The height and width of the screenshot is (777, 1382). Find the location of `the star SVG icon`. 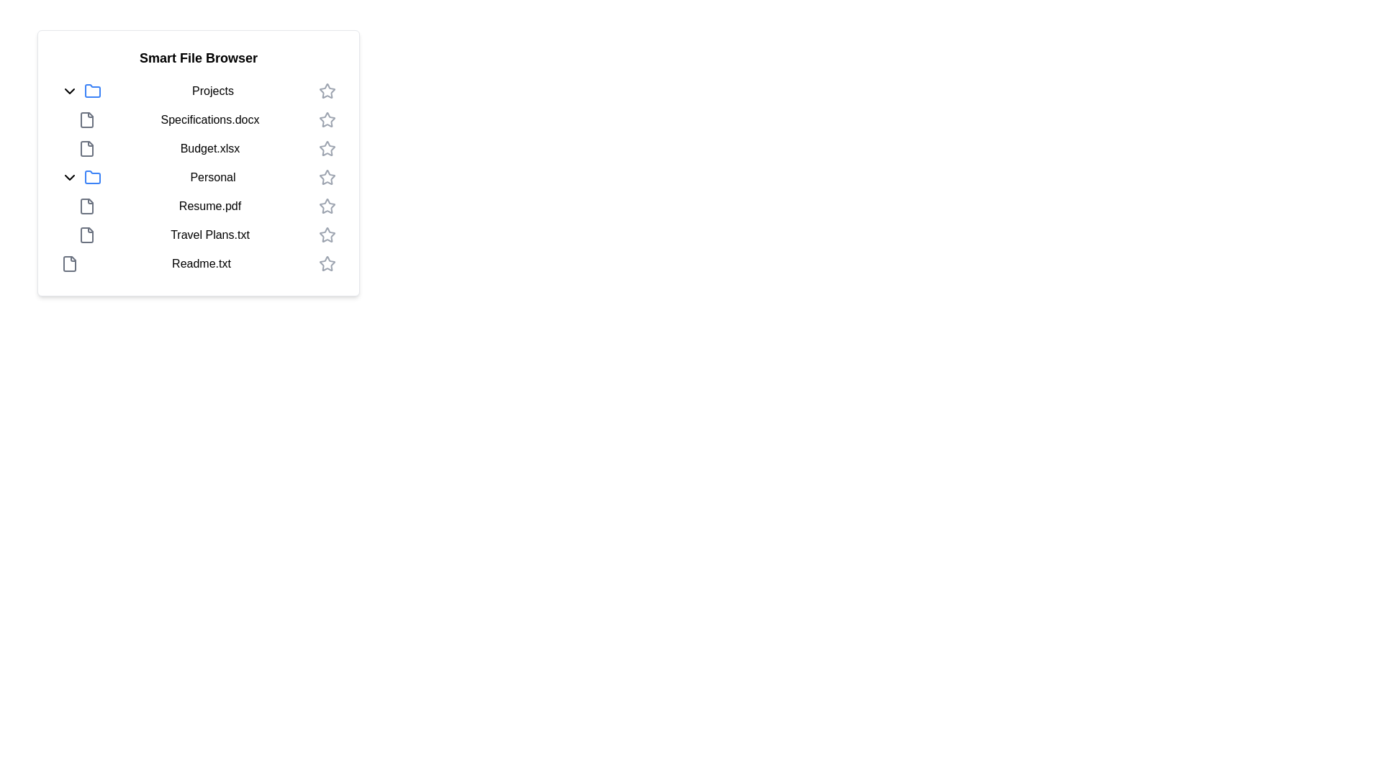

the star SVG icon is located at coordinates (327, 149).